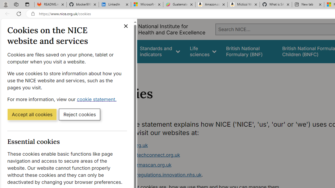 This screenshot has width=335, height=188. I want to click on 'Guidance', so click(120, 51).